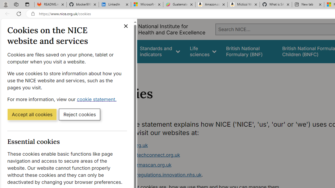 This screenshot has width=335, height=188. I want to click on 'Guidance', so click(120, 51).